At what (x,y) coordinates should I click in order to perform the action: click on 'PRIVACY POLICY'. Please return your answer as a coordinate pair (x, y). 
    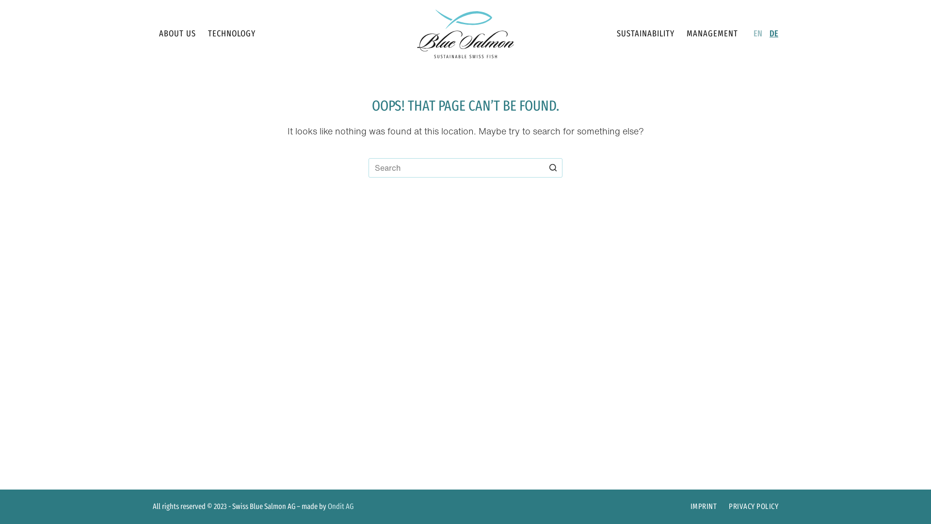
    Looking at the image, I should click on (722, 506).